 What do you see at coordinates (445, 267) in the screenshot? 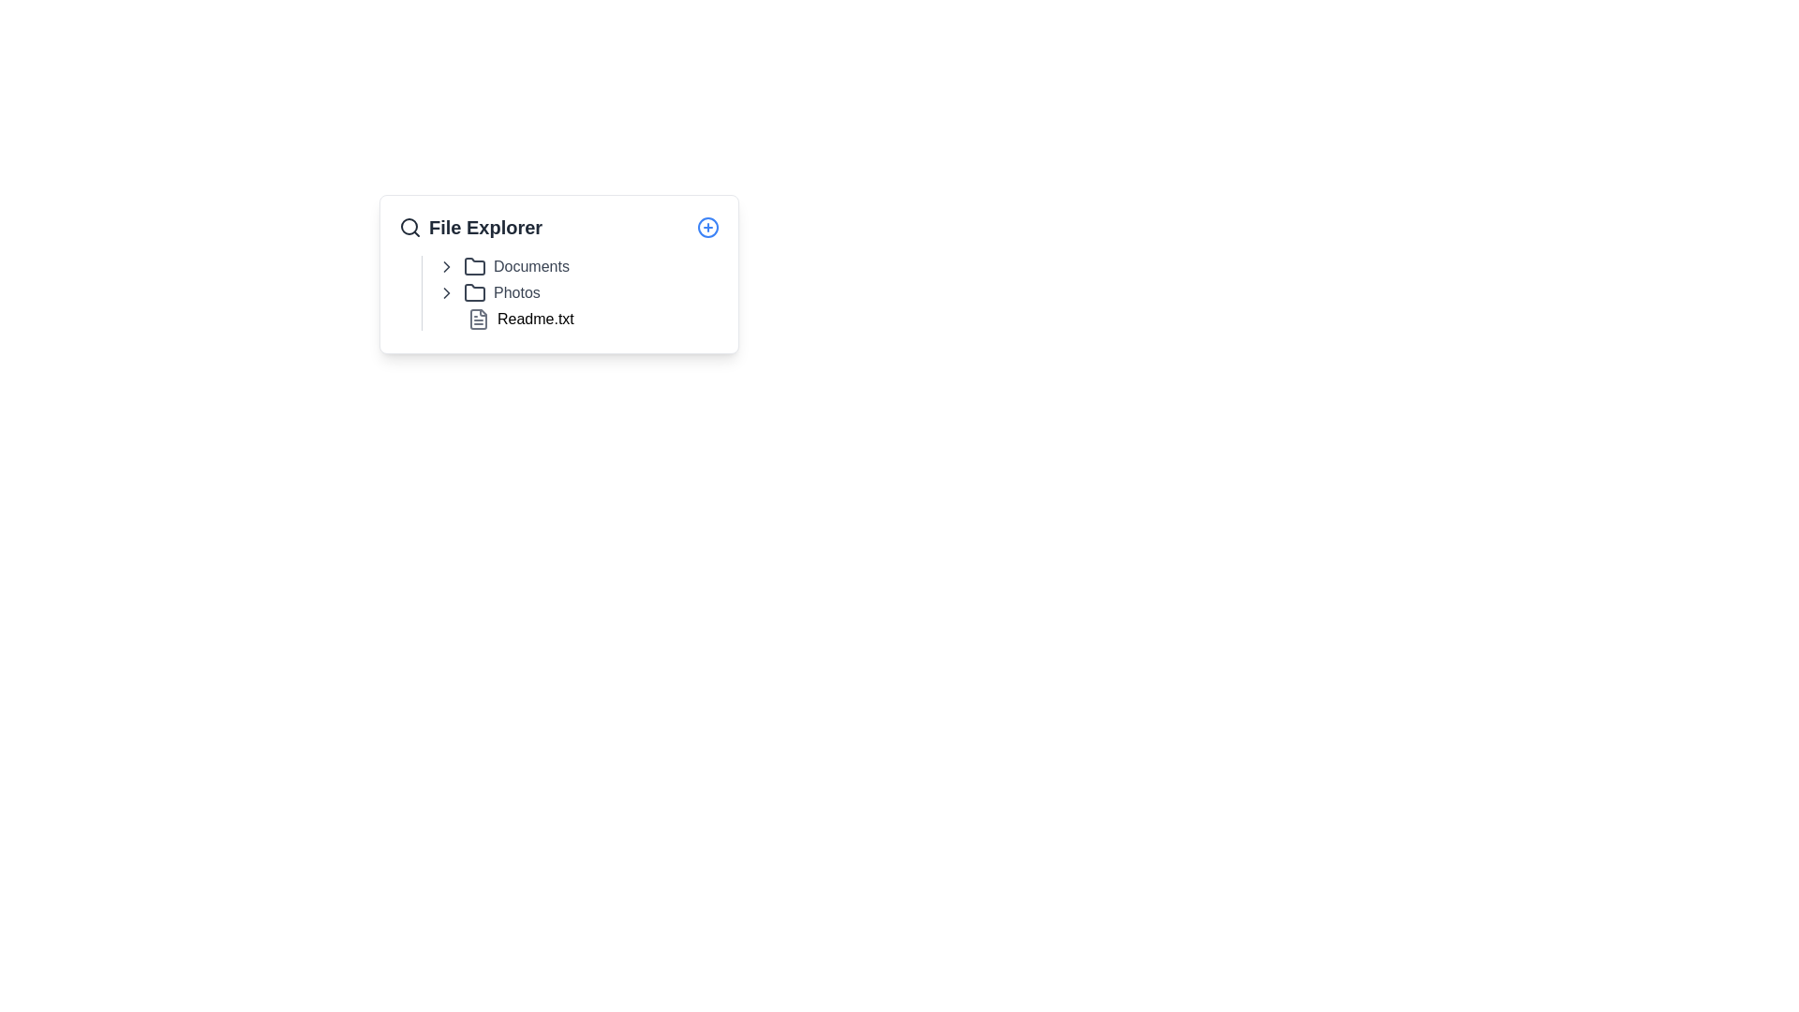
I see `the chevron icon` at bounding box center [445, 267].